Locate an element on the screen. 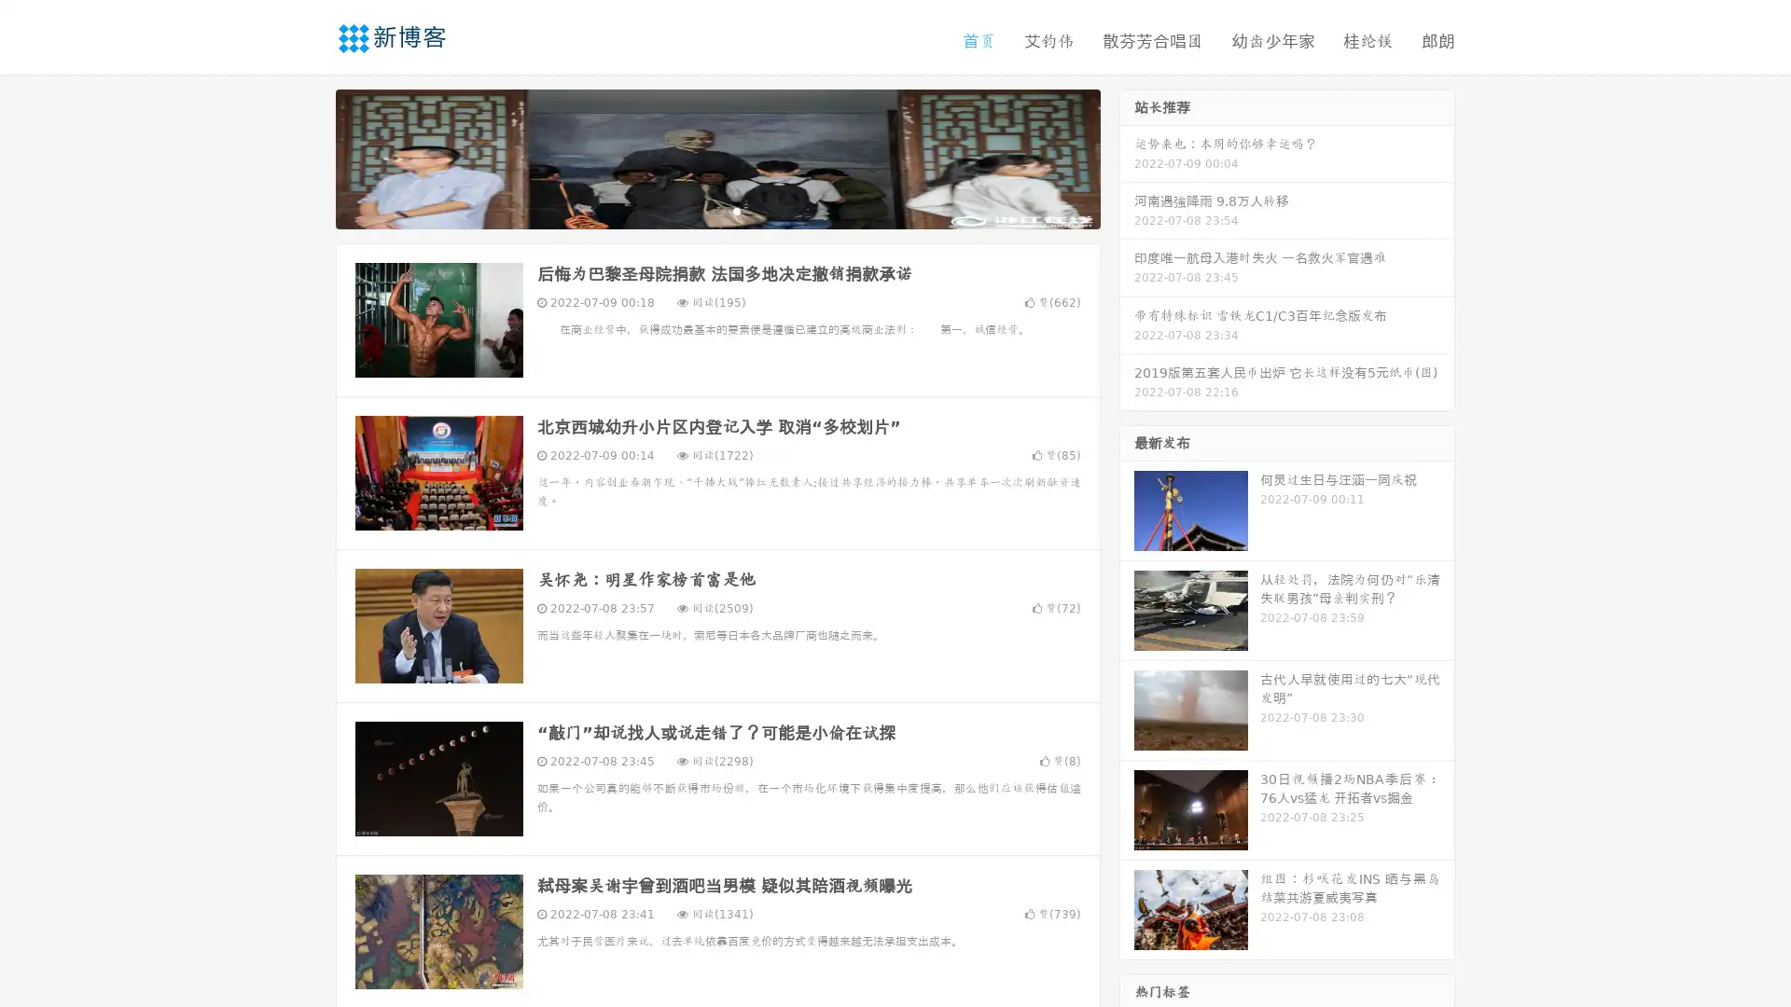  Go to slide 3 is located at coordinates (736, 210).